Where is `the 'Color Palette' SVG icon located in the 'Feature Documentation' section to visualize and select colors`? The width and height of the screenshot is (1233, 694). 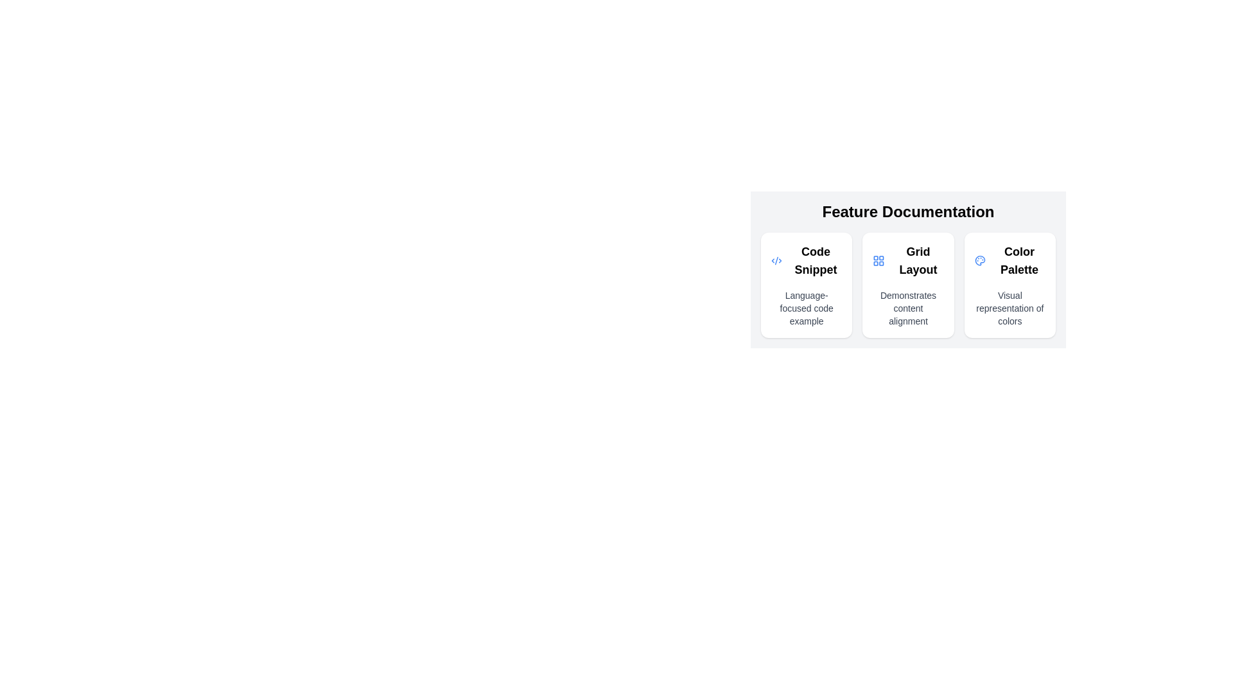
the 'Color Palette' SVG icon located in the 'Feature Documentation' section to visualize and select colors is located at coordinates (979, 260).